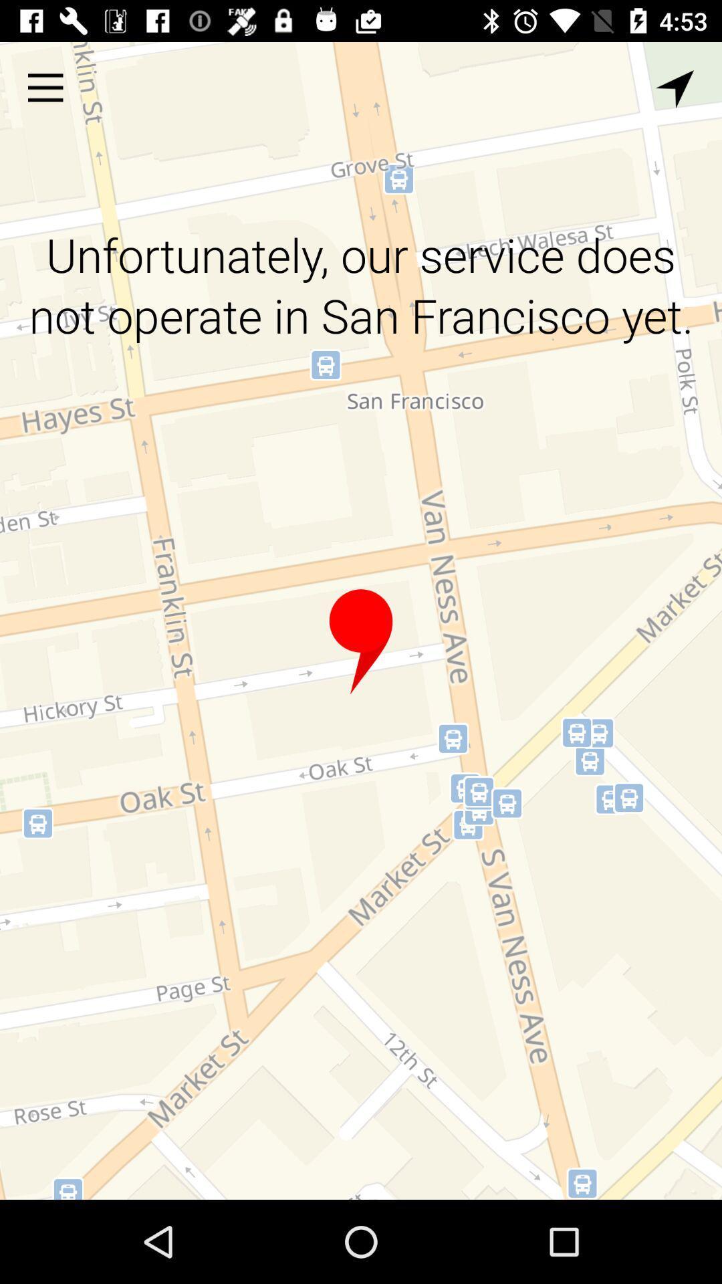 This screenshot has height=1284, width=722. I want to click on options, so click(45, 87).